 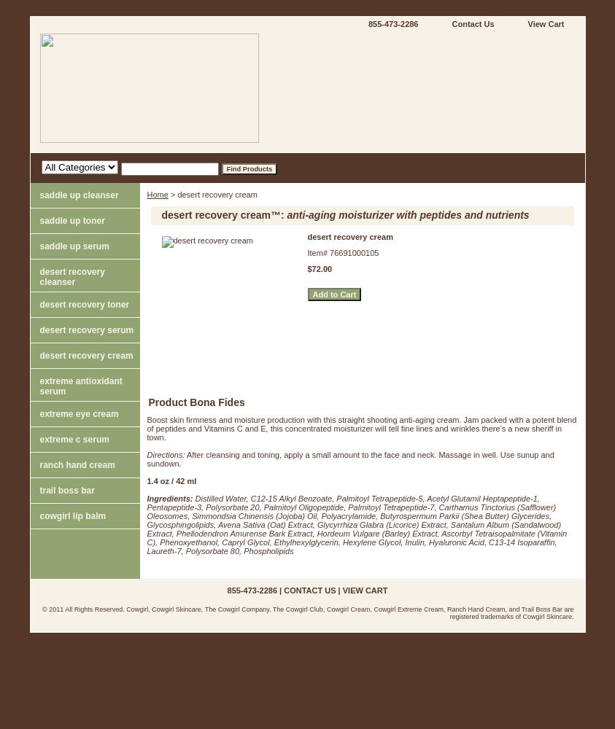 What do you see at coordinates (146, 453) in the screenshot?
I see `'Directions:'` at bounding box center [146, 453].